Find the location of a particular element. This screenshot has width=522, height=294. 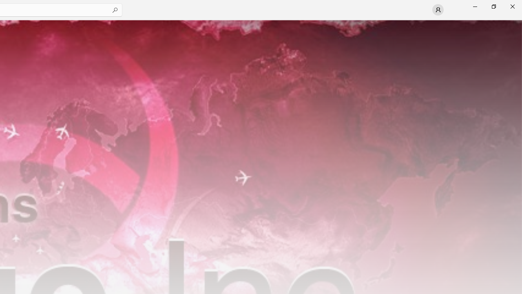

'Close Microsoft Store' is located at coordinates (512, 6).